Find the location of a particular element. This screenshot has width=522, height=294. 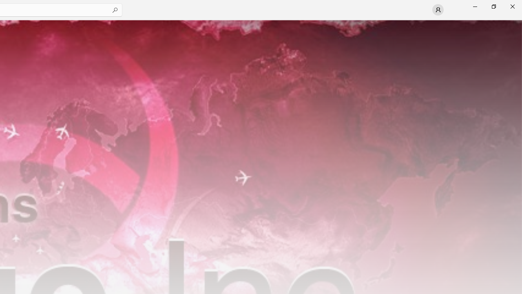

'Close Microsoft Store' is located at coordinates (512, 6).